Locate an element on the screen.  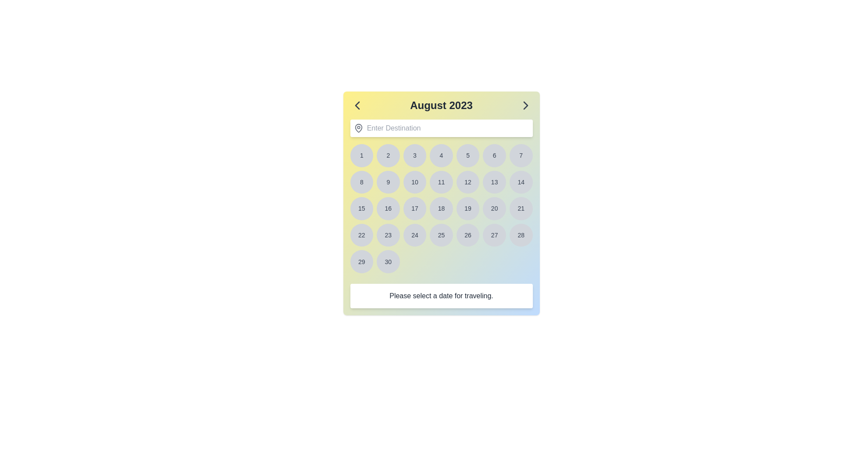
the selectable date button indicating the 18th of August 2023 in the calendar grid is located at coordinates (441, 208).